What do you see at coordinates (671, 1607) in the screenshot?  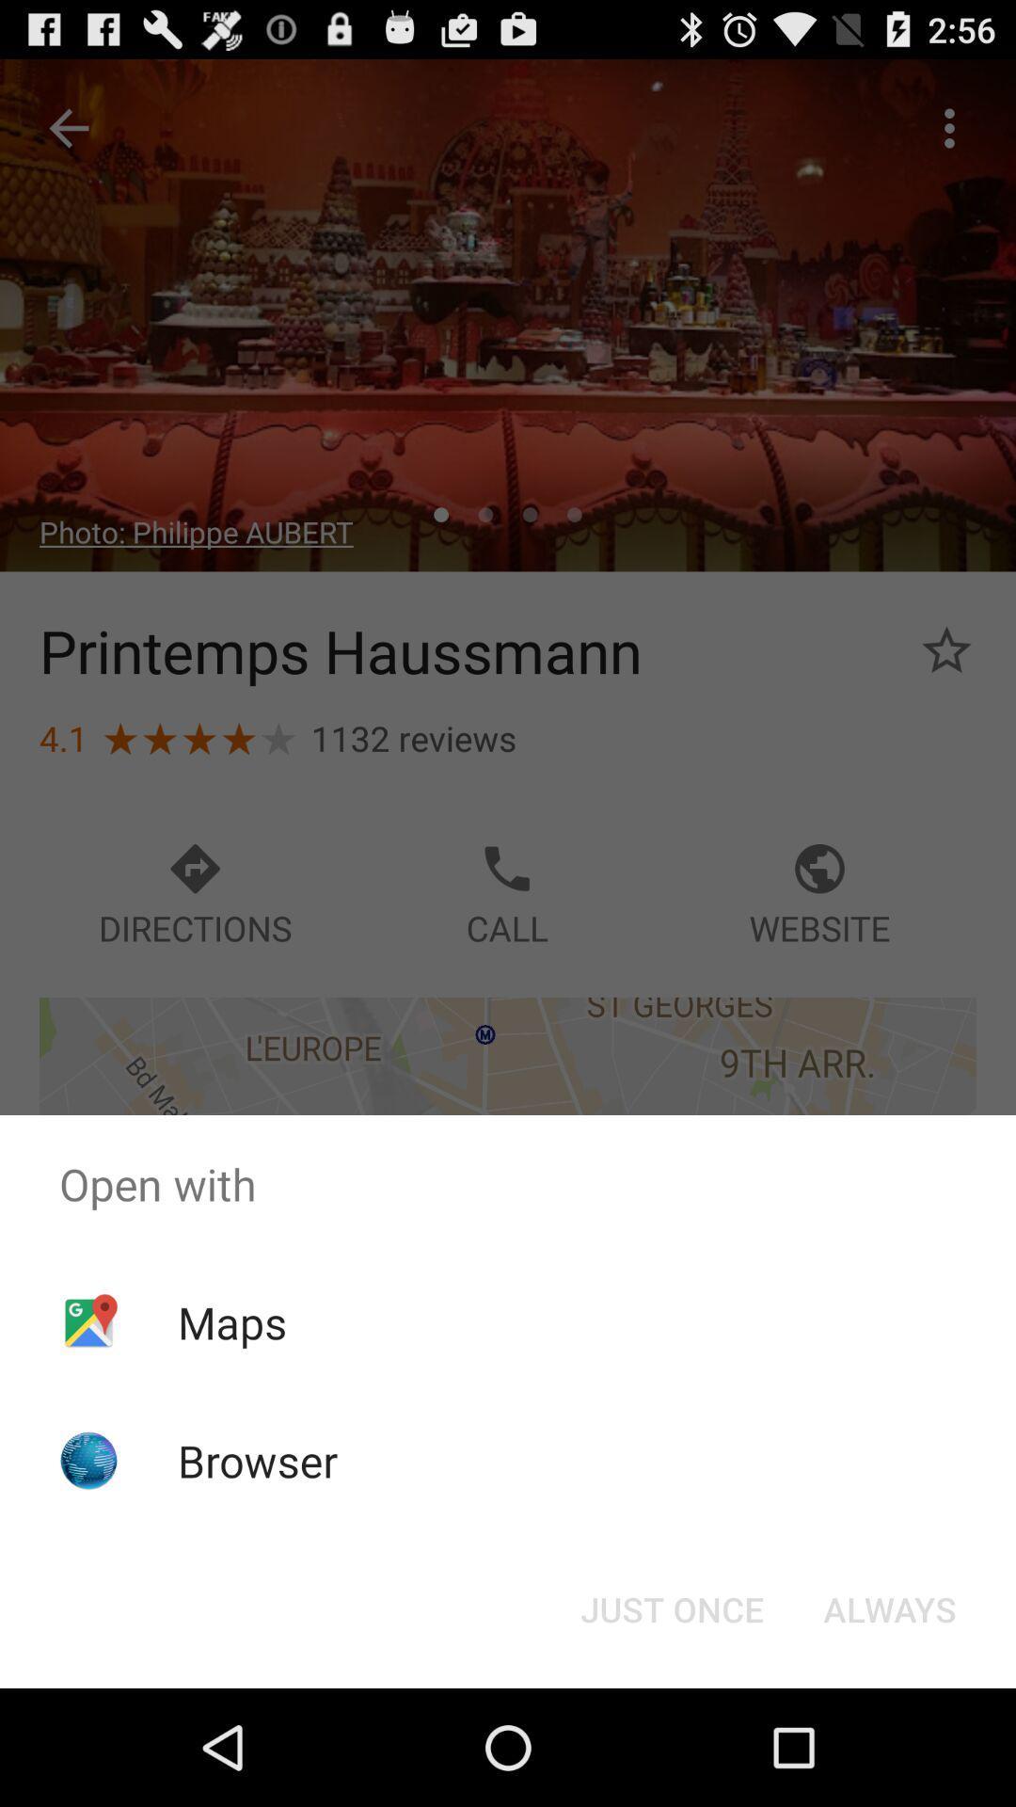 I see `the just once at the bottom` at bounding box center [671, 1607].